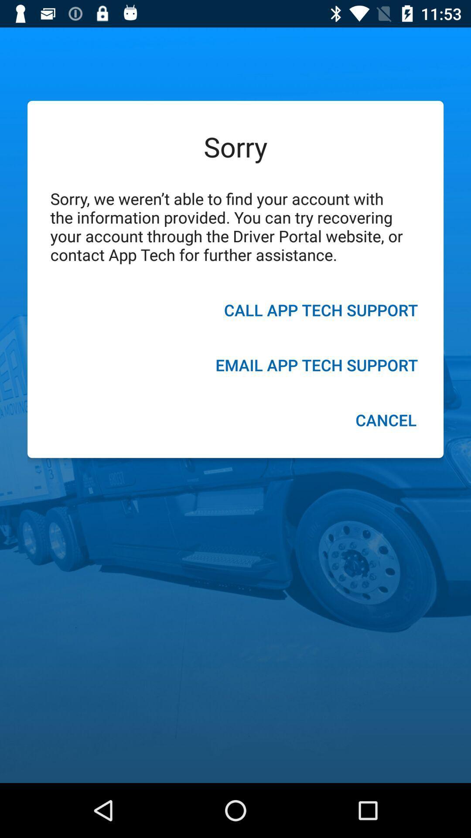 The width and height of the screenshot is (471, 838). What do you see at coordinates (385, 421) in the screenshot?
I see `cancel item` at bounding box center [385, 421].